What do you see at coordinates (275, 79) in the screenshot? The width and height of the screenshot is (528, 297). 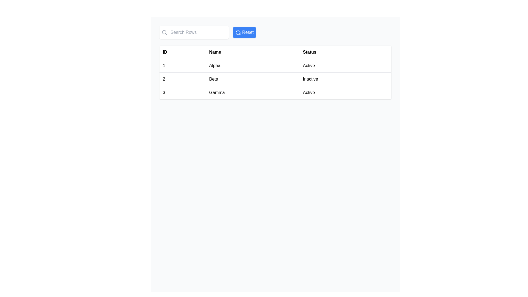 I see `the second row` at bounding box center [275, 79].